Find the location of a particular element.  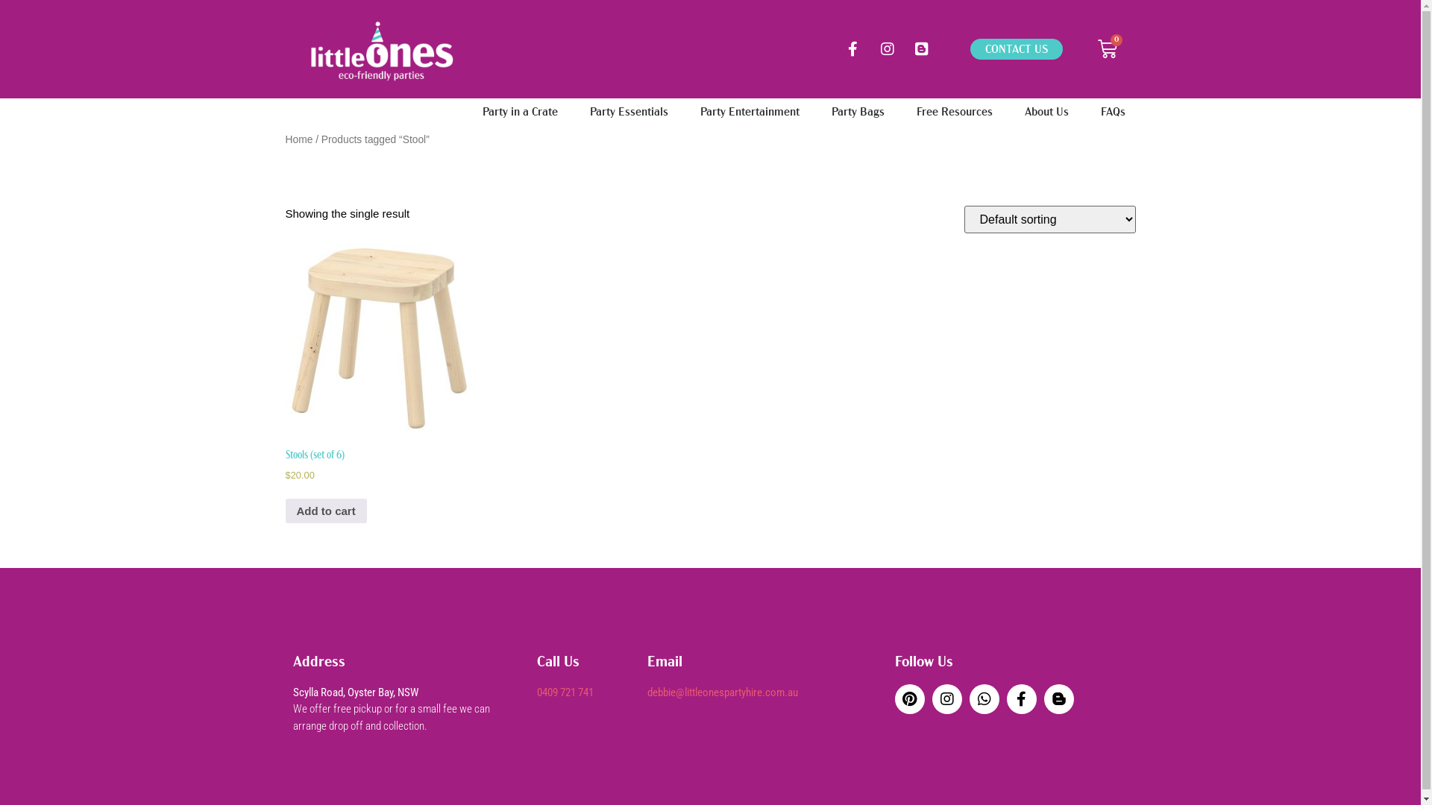

'CONTACT US' is located at coordinates (1016, 48).